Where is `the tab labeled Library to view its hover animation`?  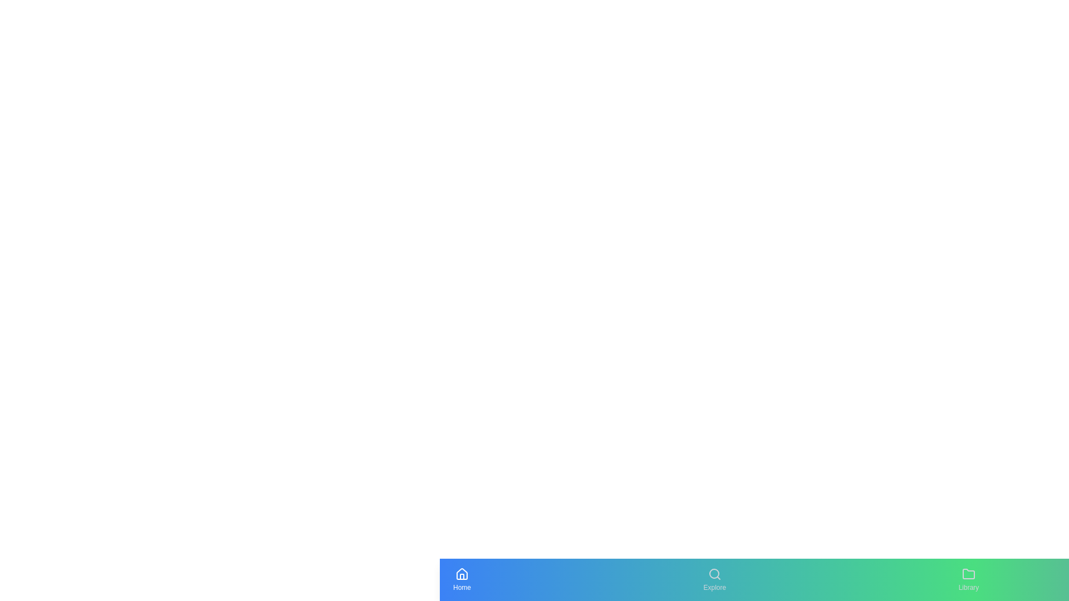 the tab labeled Library to view its hover animation is located at coordinates (967, 579).